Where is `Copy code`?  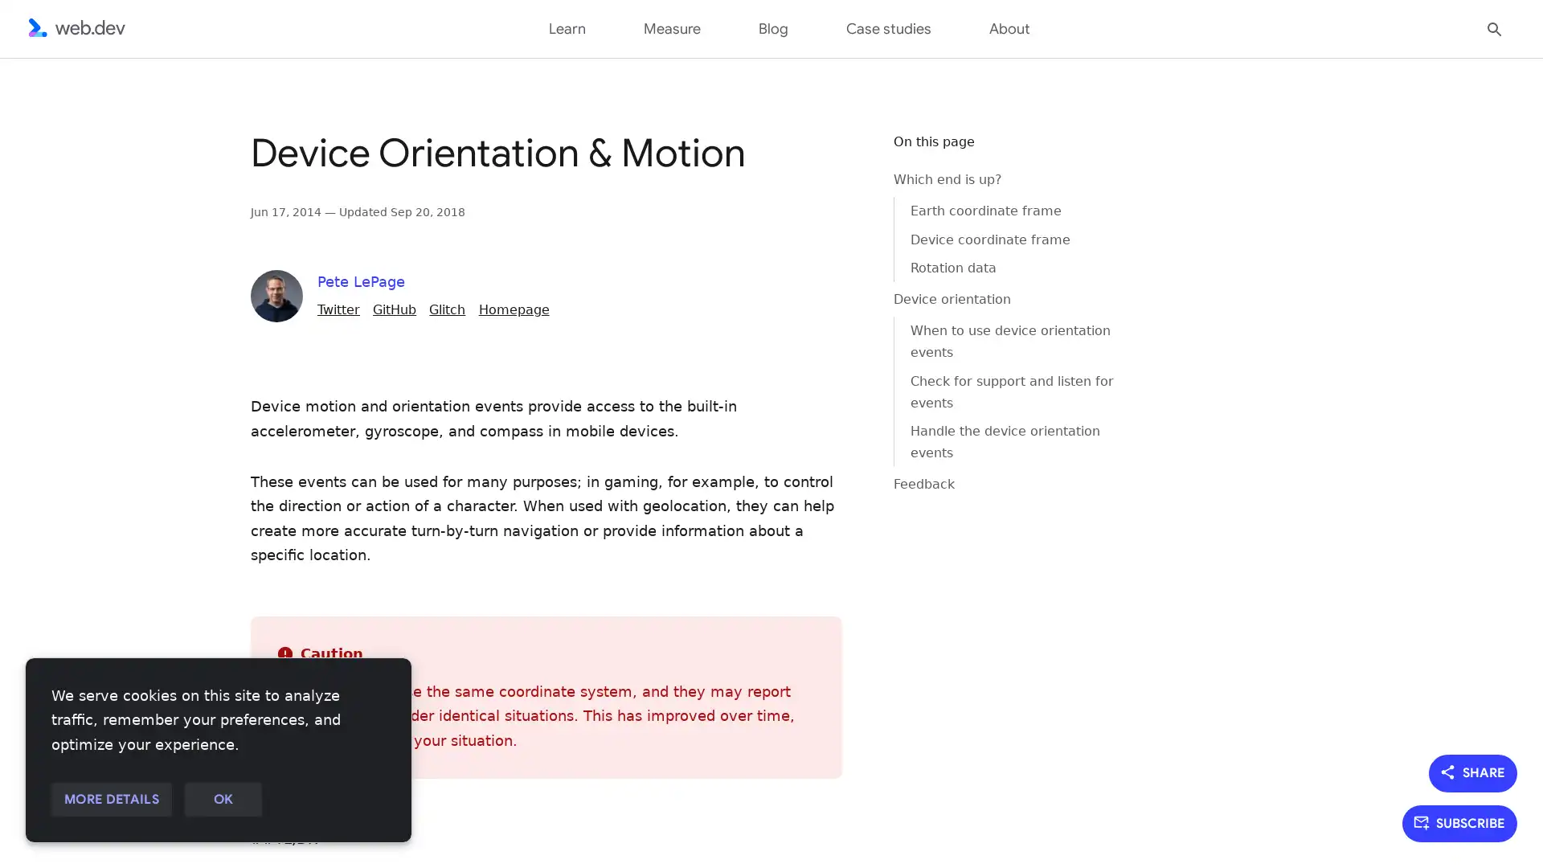
Copy code is located at coordinates (841, 155).